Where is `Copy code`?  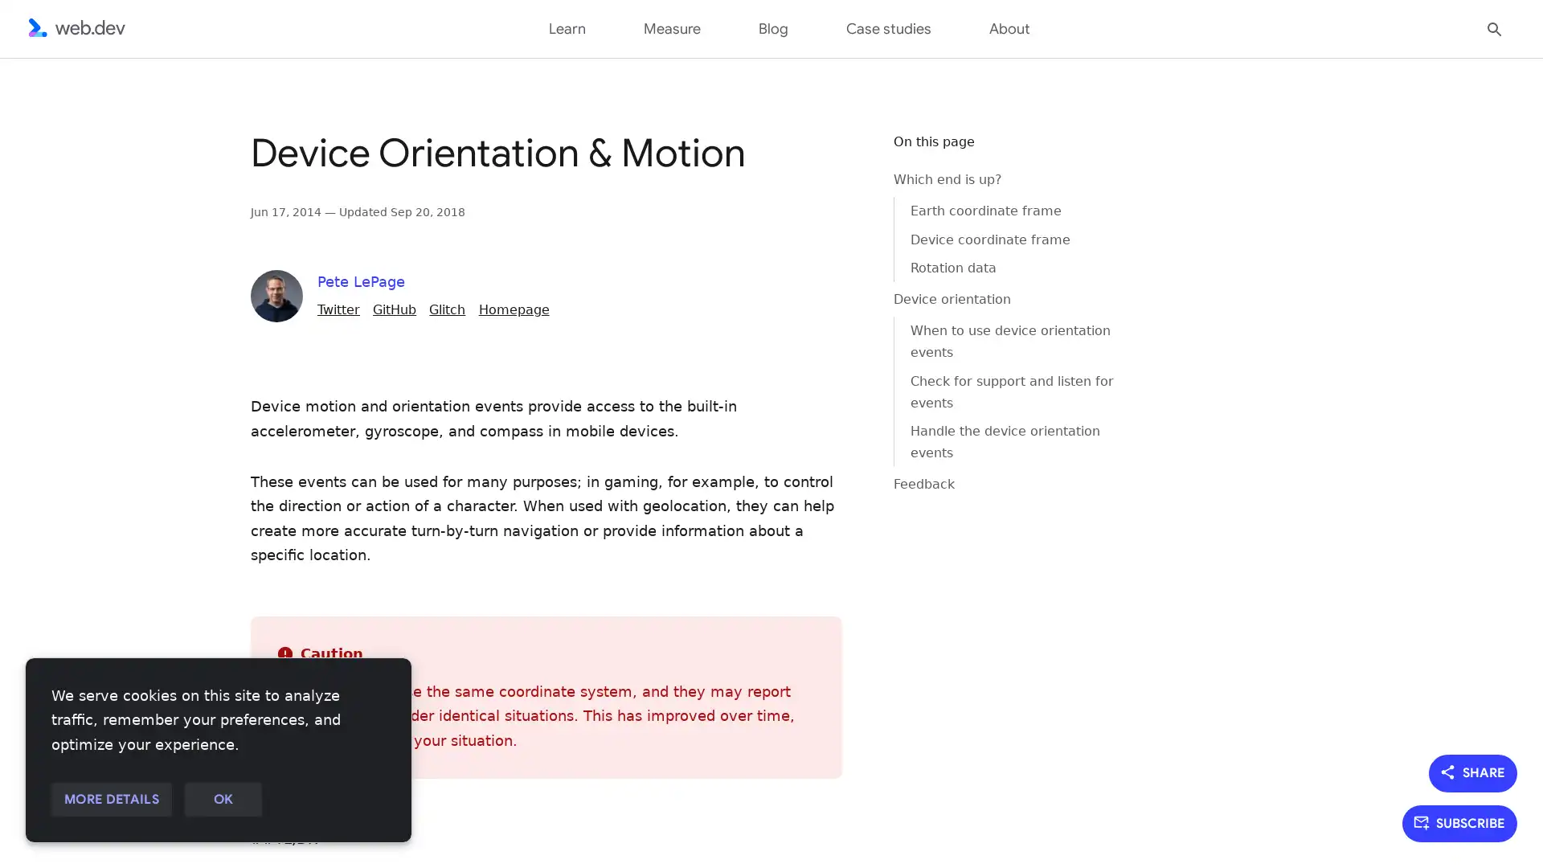
Copy code is located at coordinates (841, 155).